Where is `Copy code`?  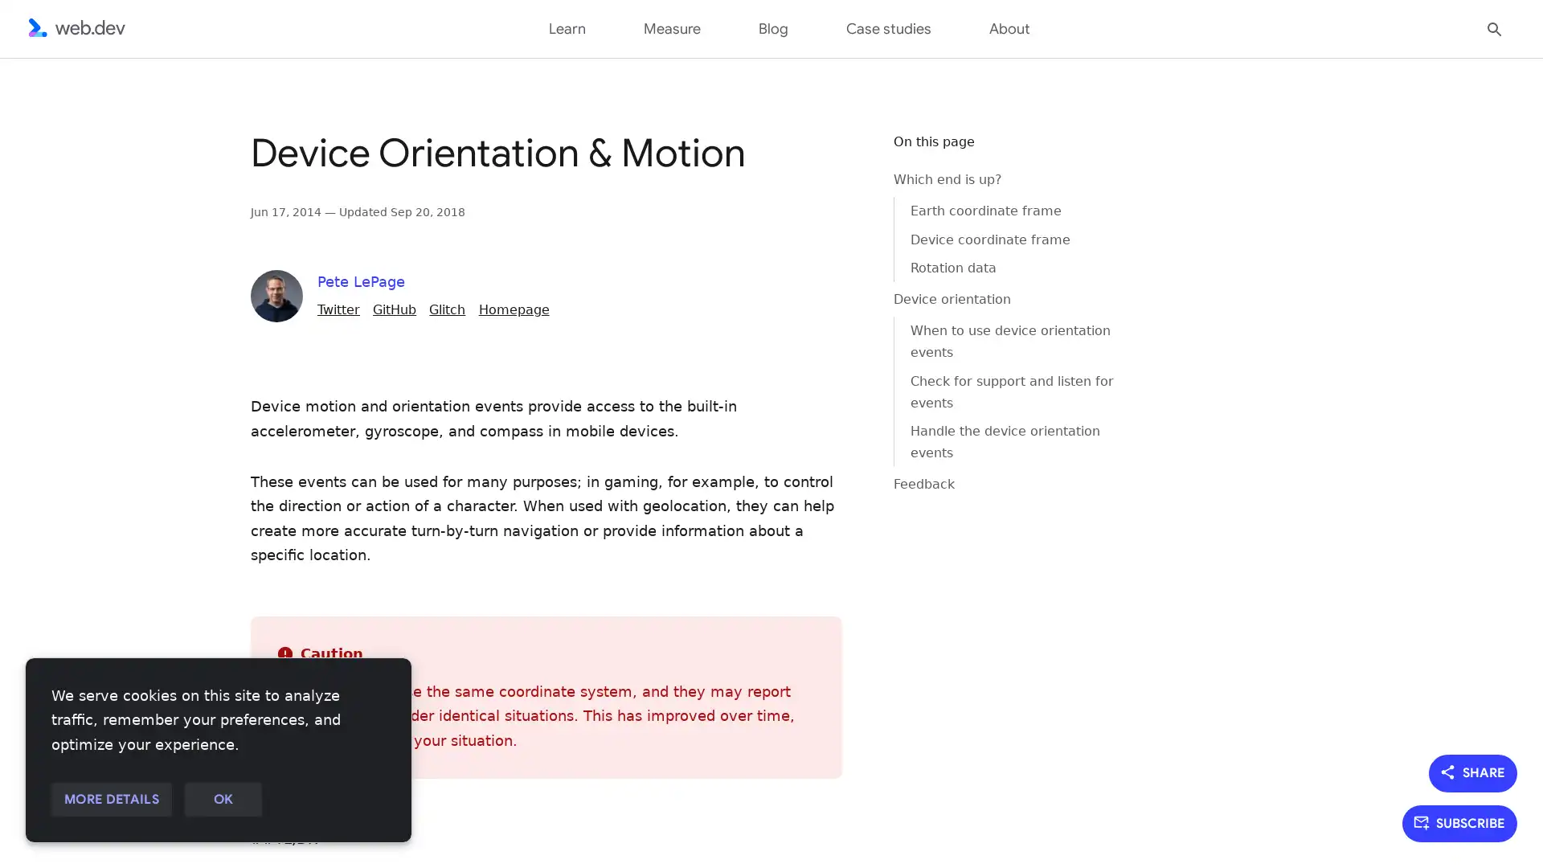
Copy code is located at coordinates (841, 155).